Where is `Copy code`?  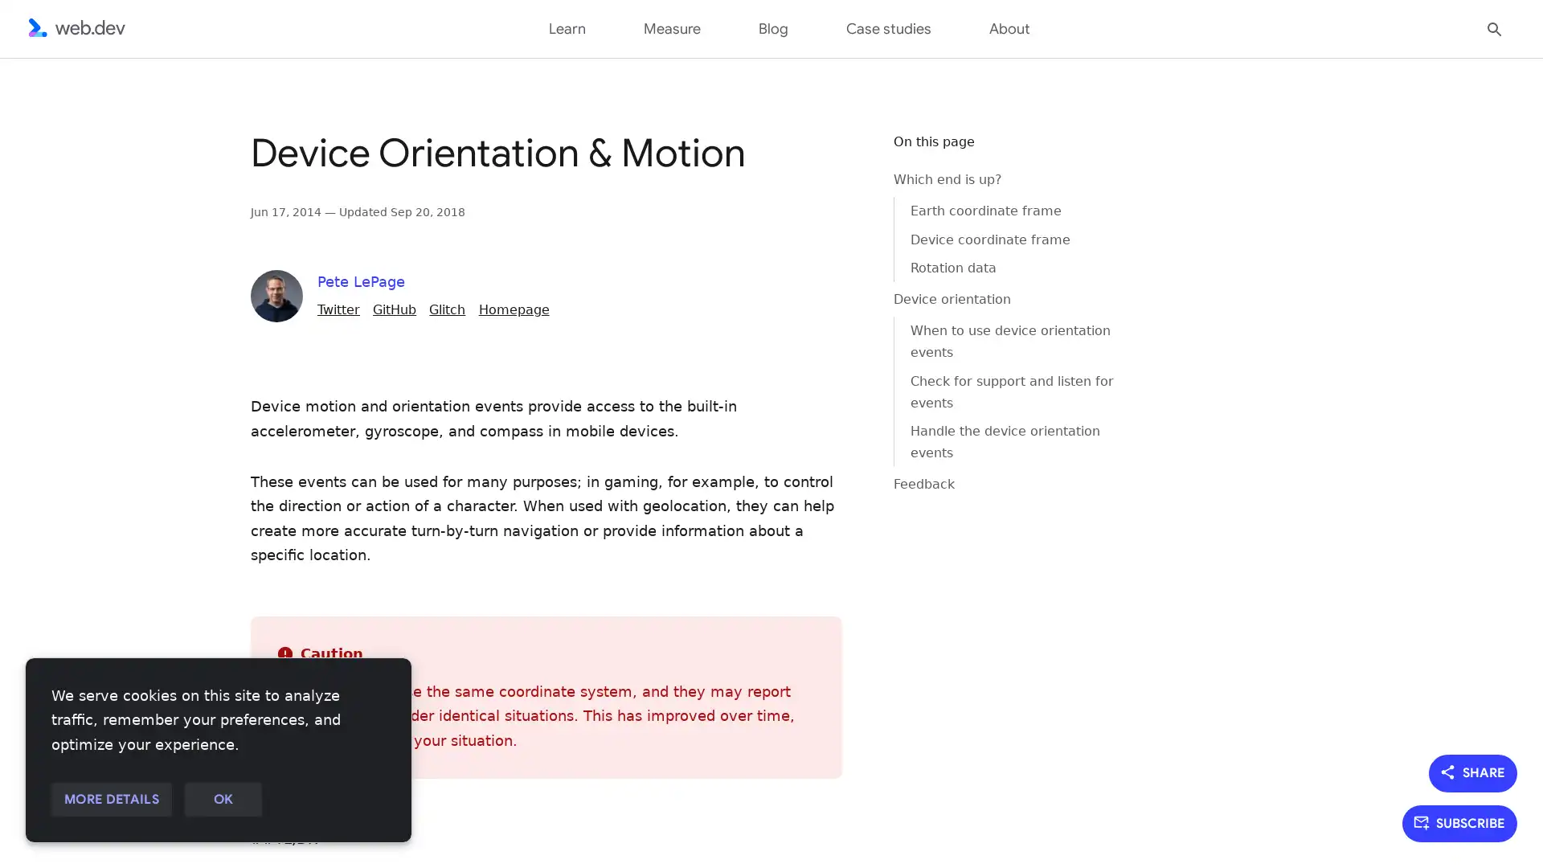
Copy code is located at coordinates (841, 155).